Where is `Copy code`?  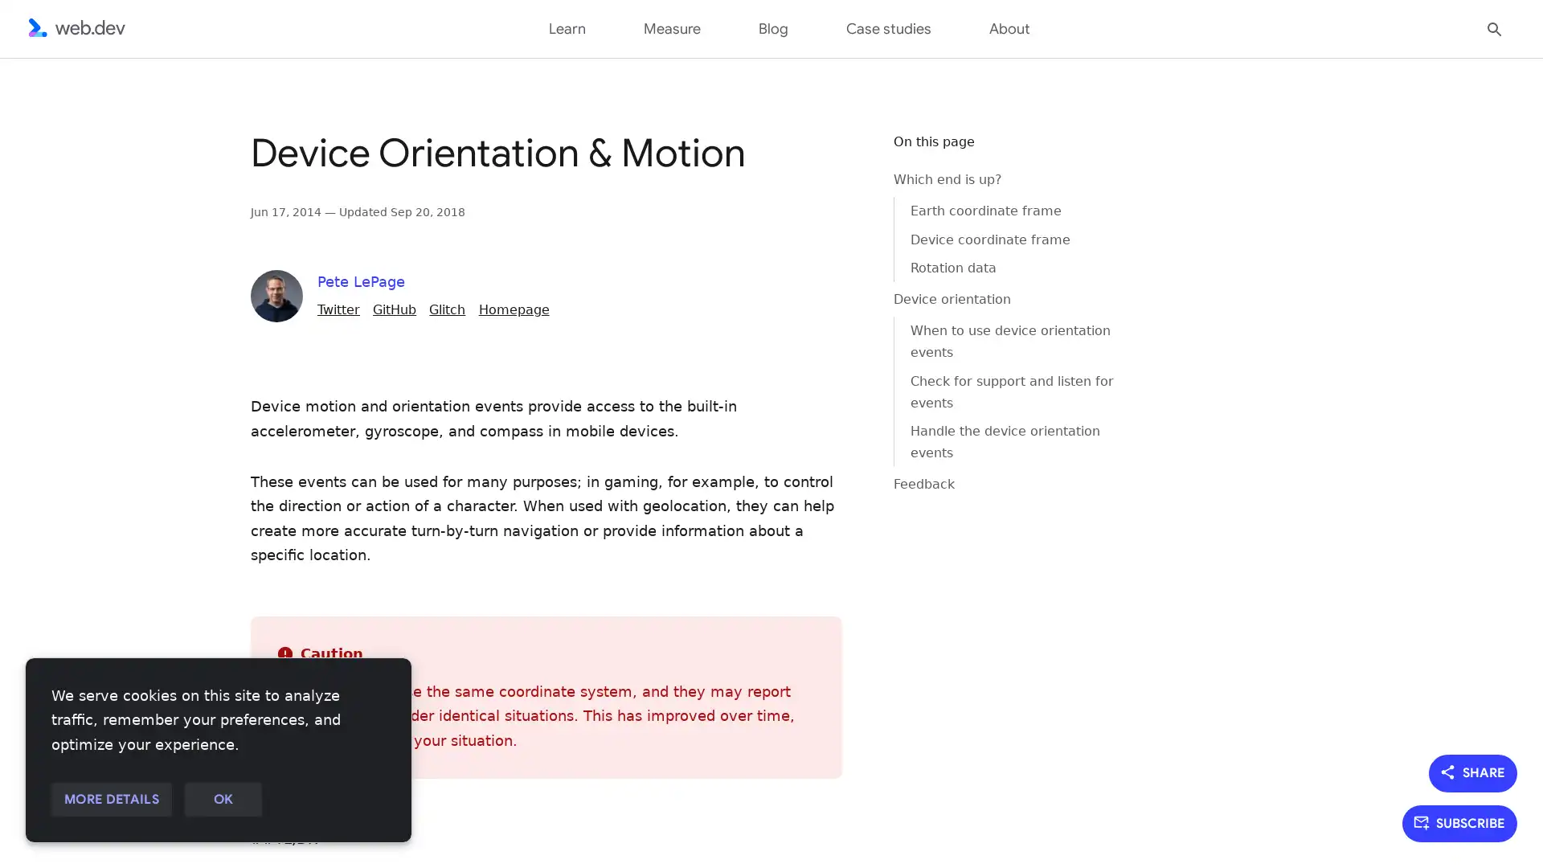
Copy code is located at coordinates (841, 155).